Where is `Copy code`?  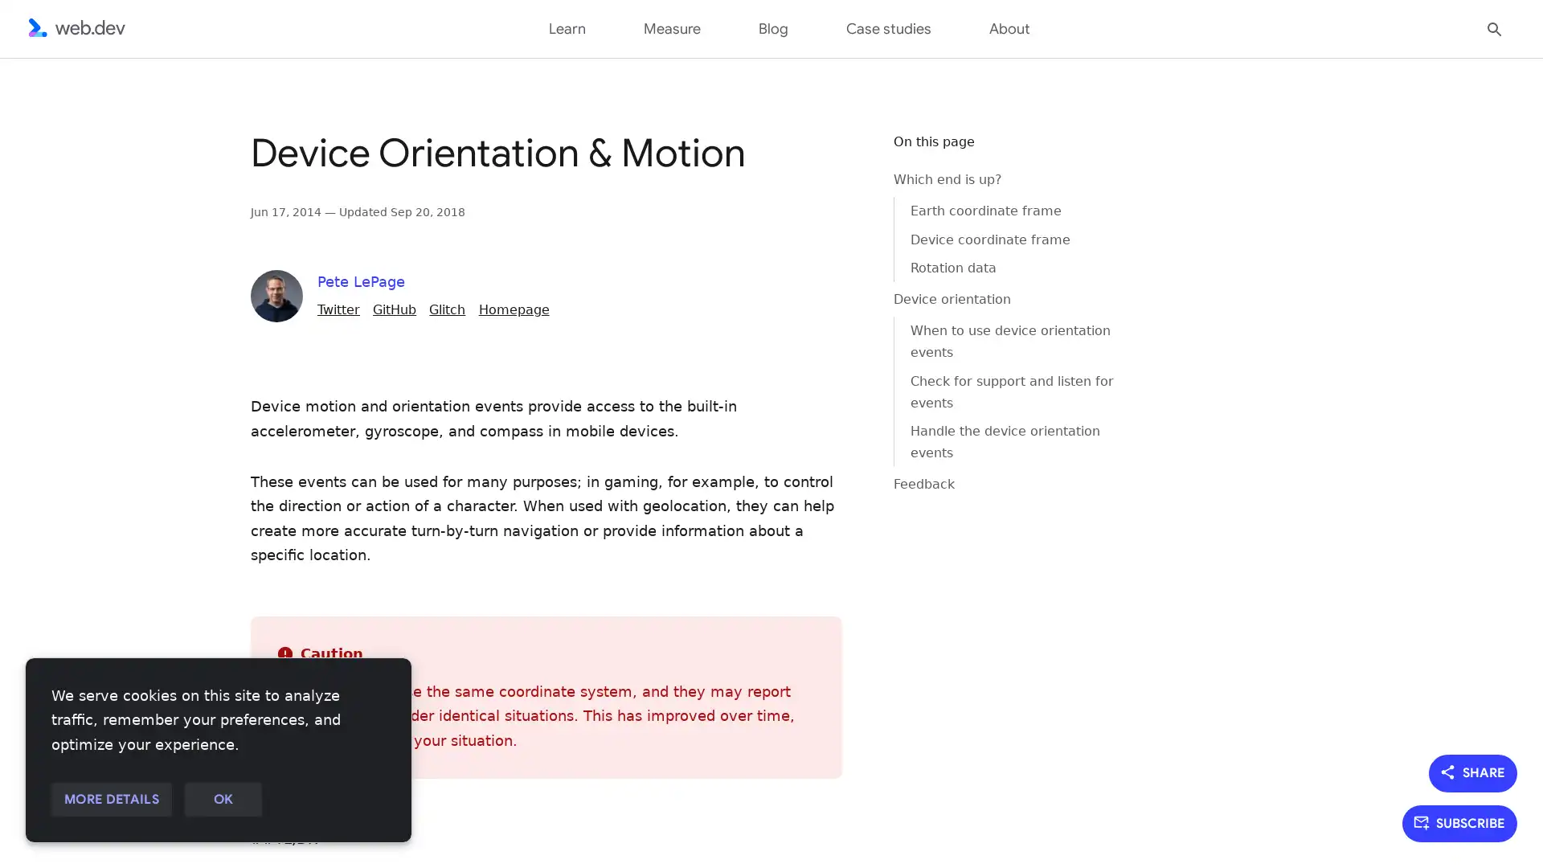
Copy code is located at coordinates (841, 155).